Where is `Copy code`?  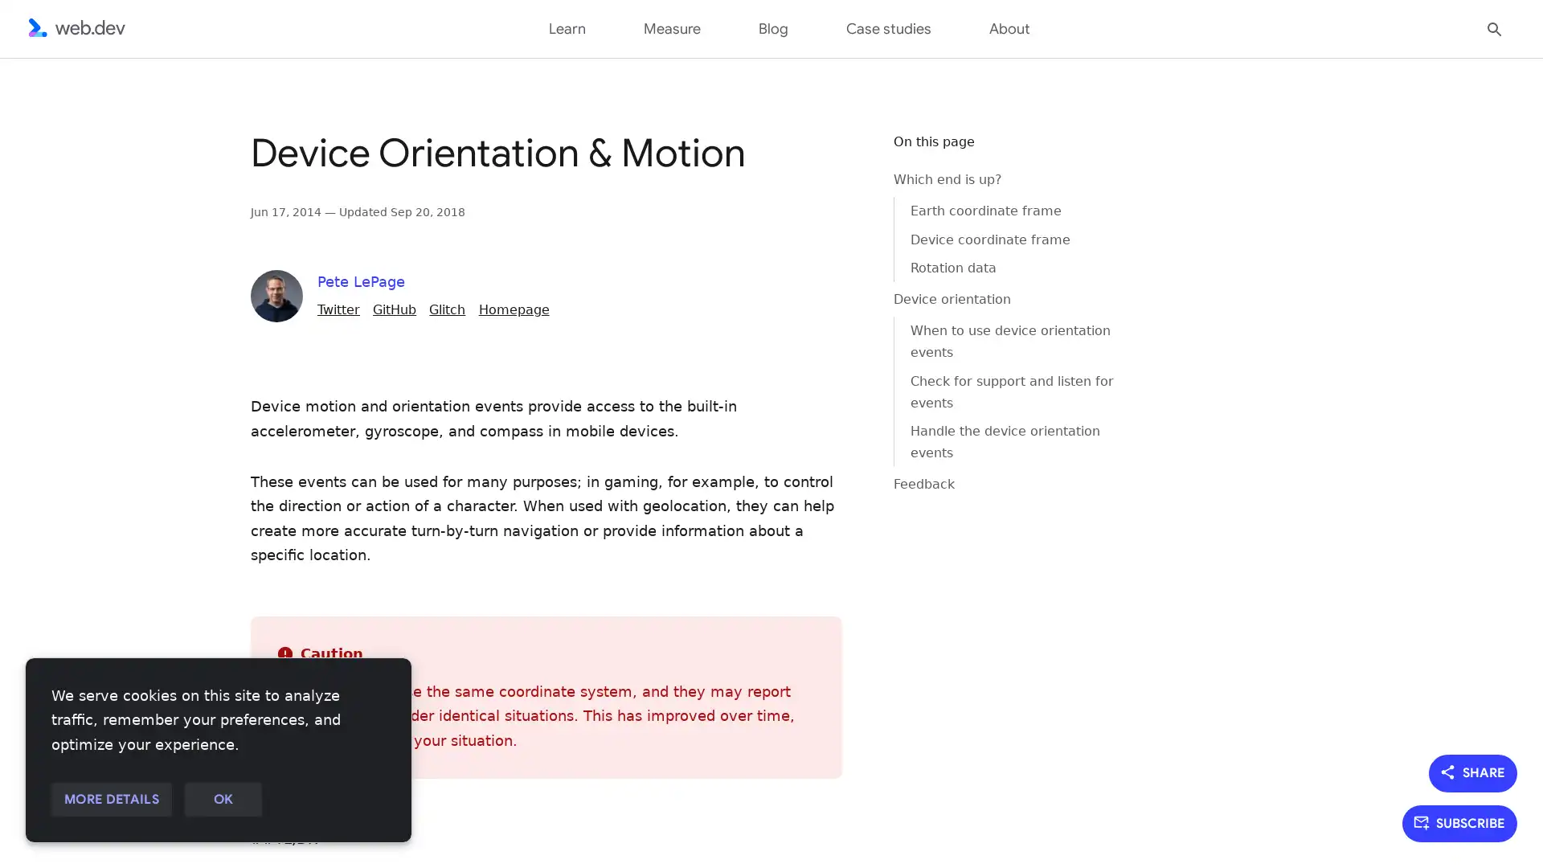
Copy code is located at coordinates (841, 155).